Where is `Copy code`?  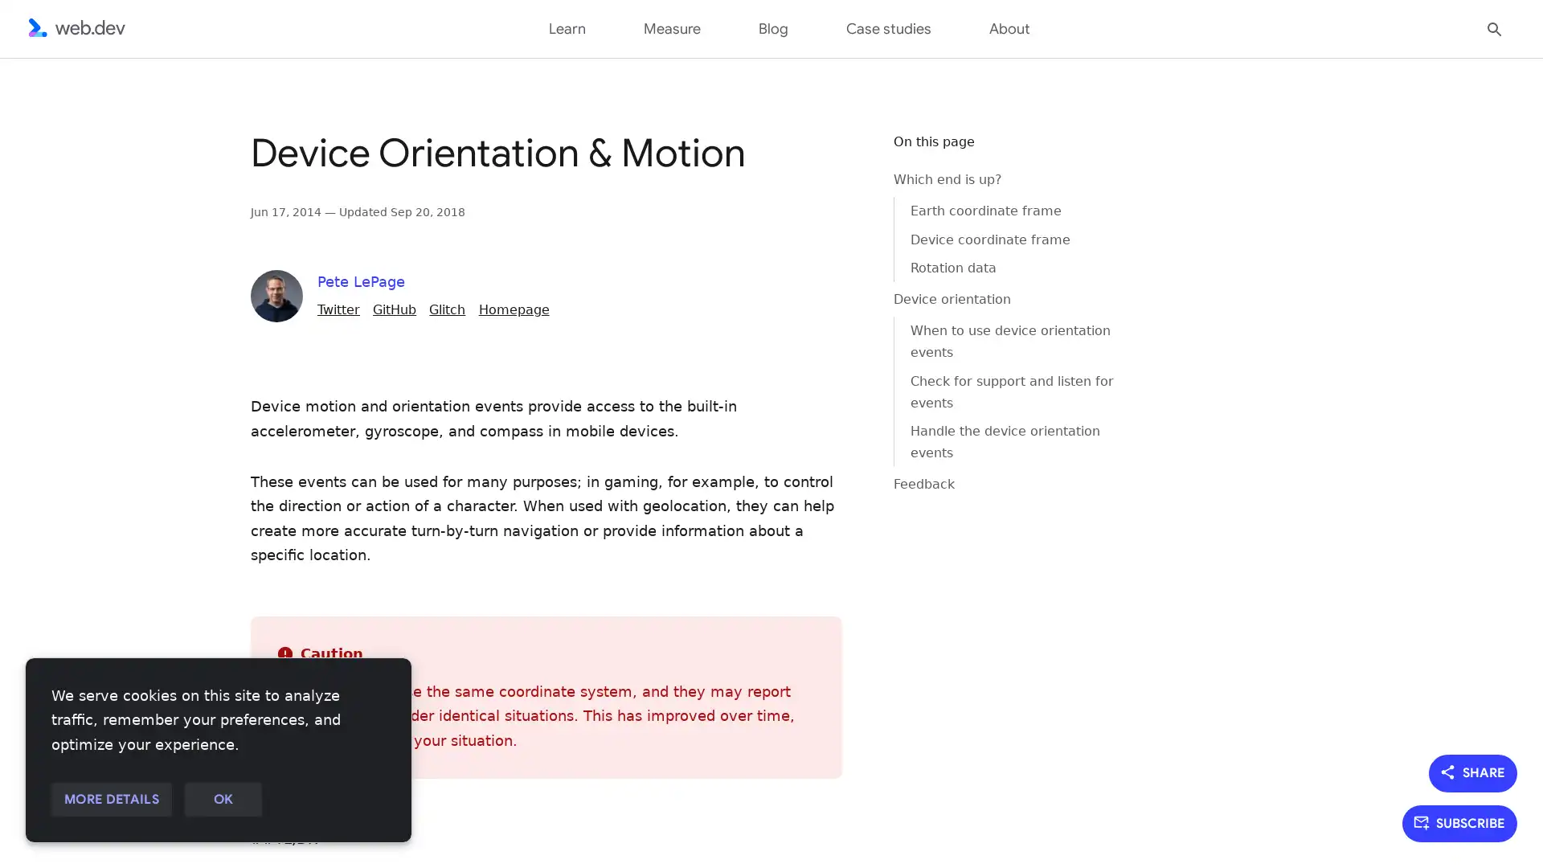
Copy code is located at coordinates (841, 155).